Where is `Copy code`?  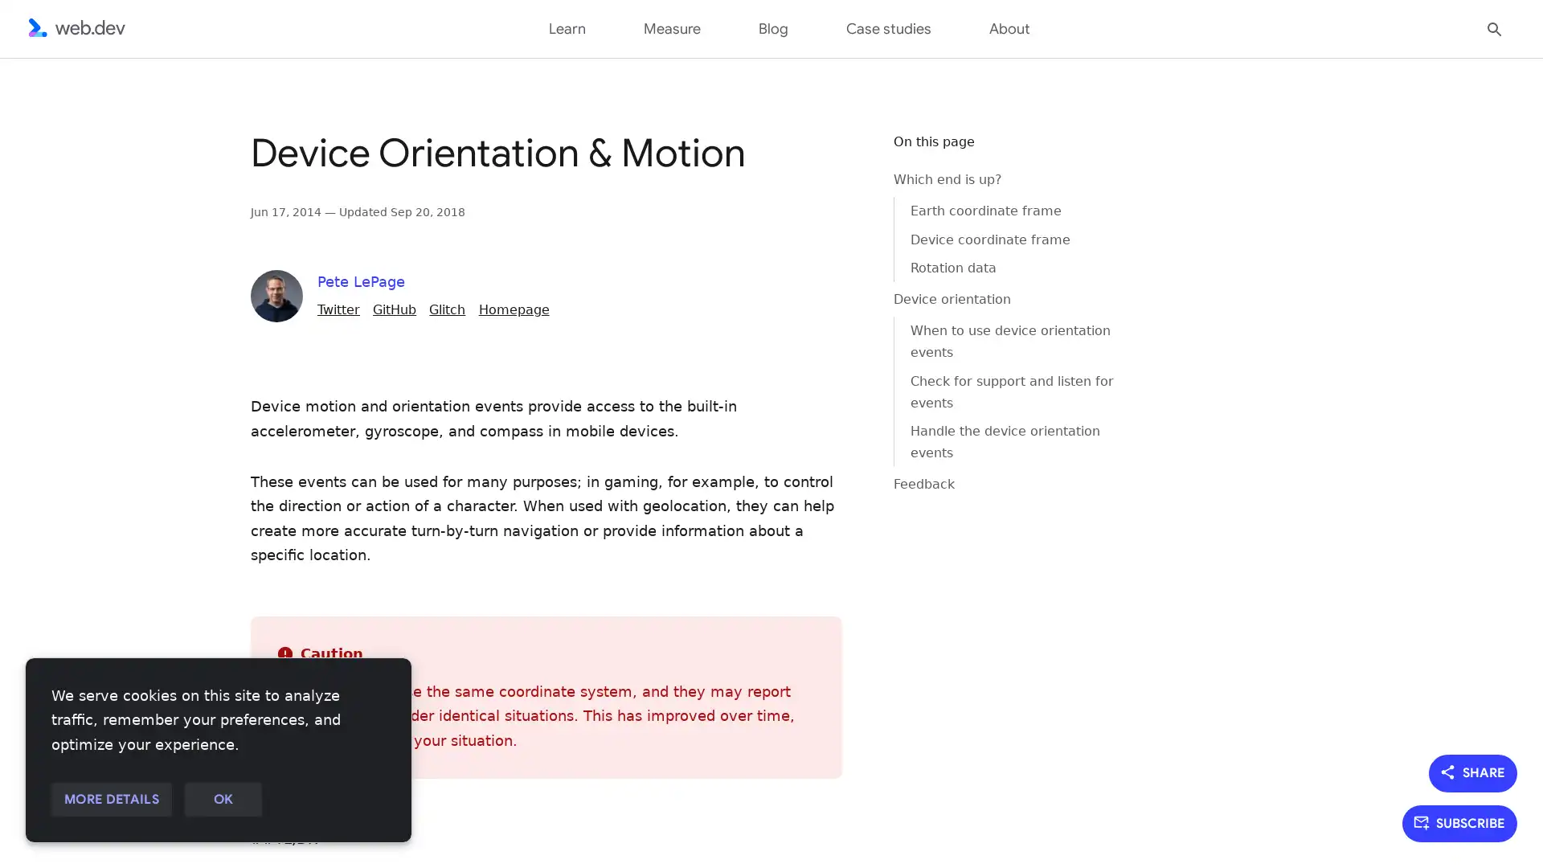
Copy code is located at coordinates (841, 155).